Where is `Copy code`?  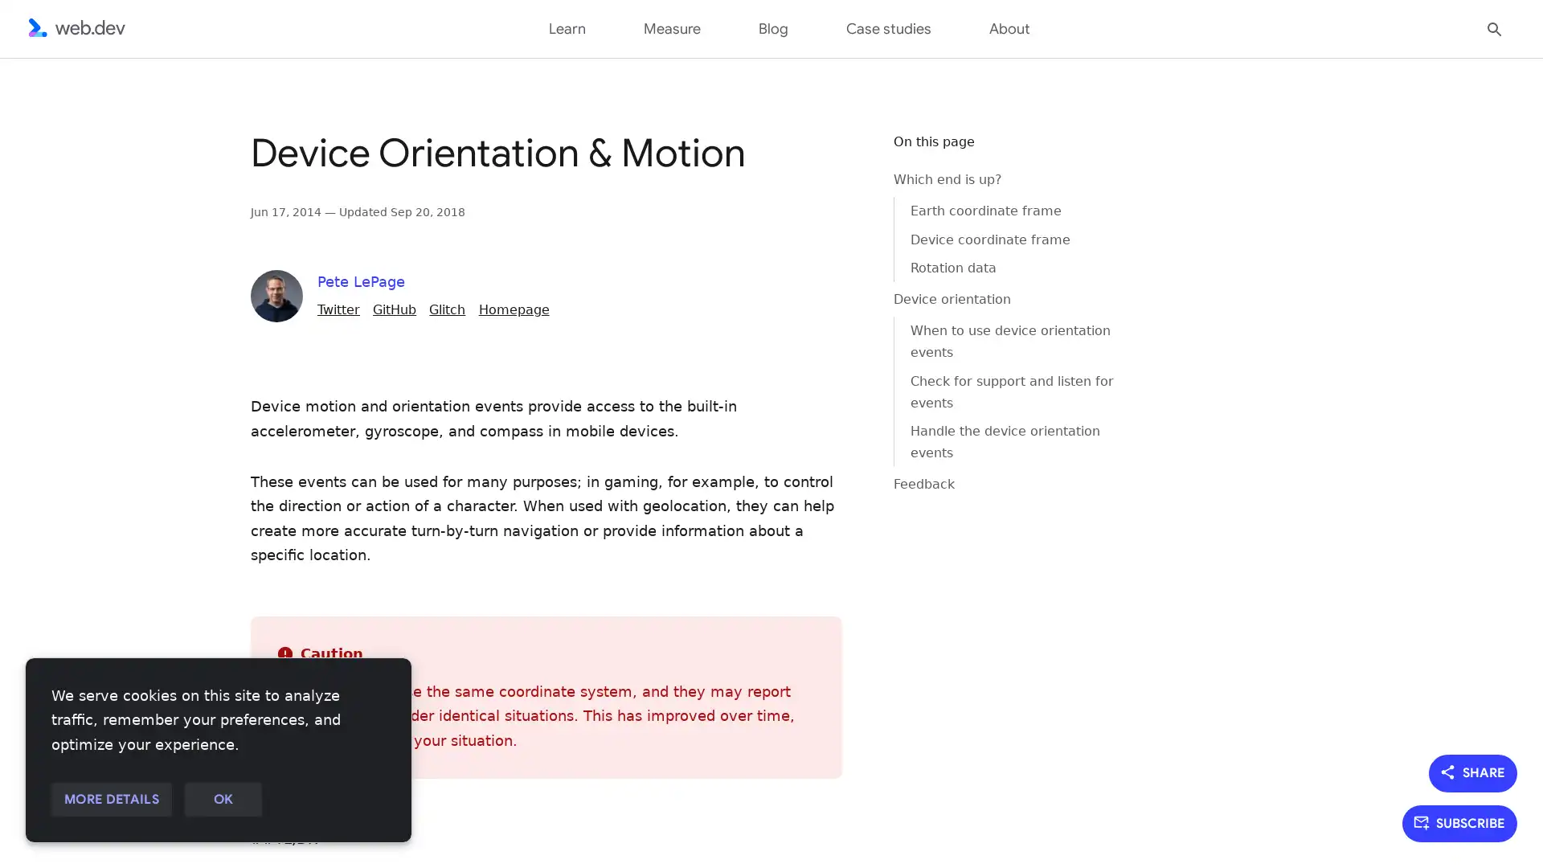
Copy code is located at coordinates (841, 155).